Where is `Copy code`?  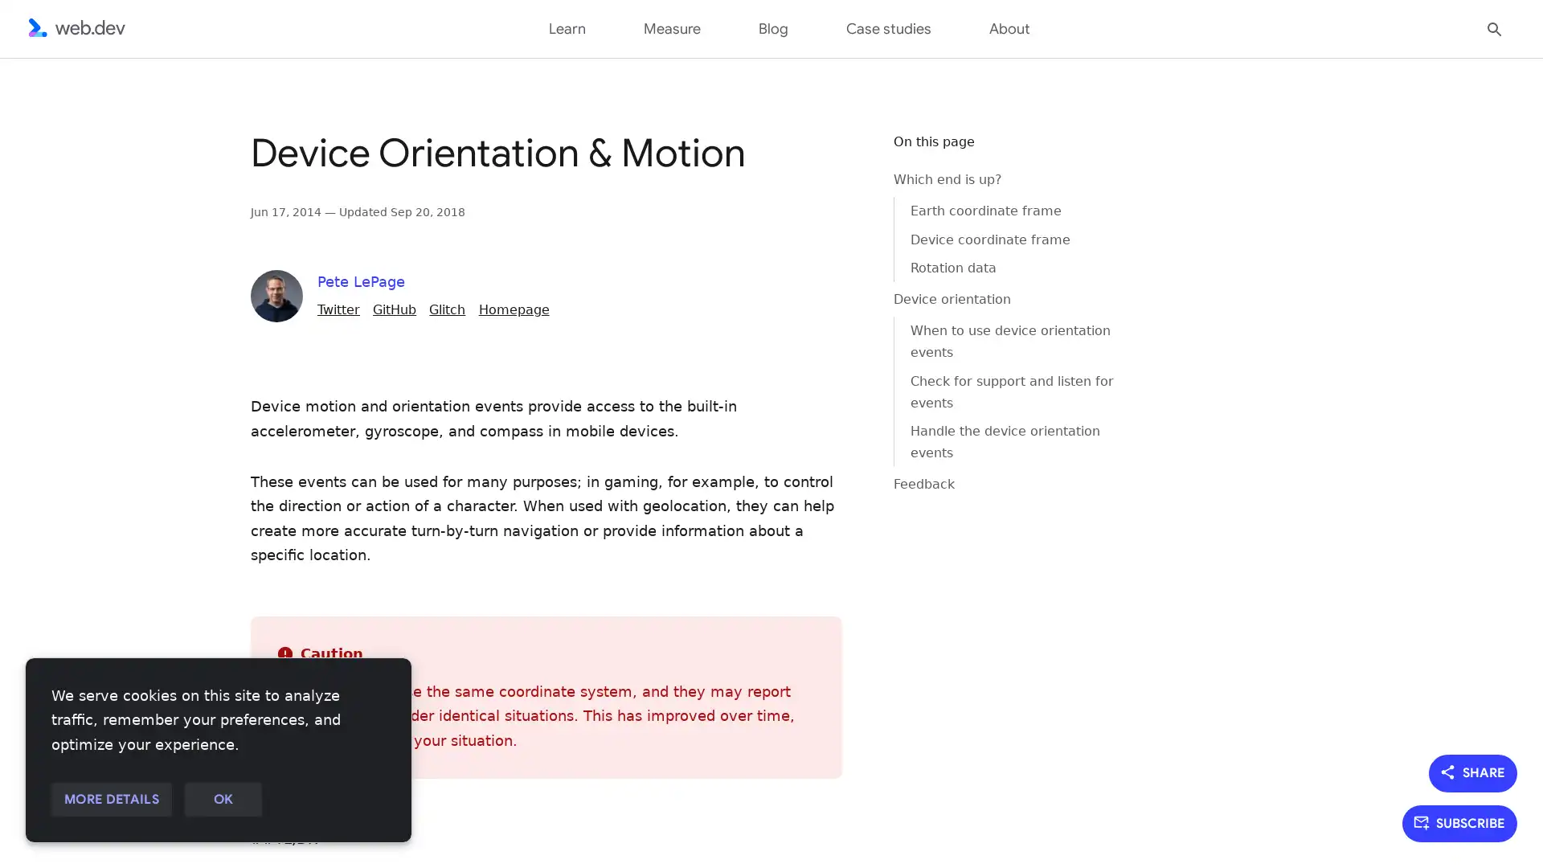
Copy code is located at coordinates (841, 155).